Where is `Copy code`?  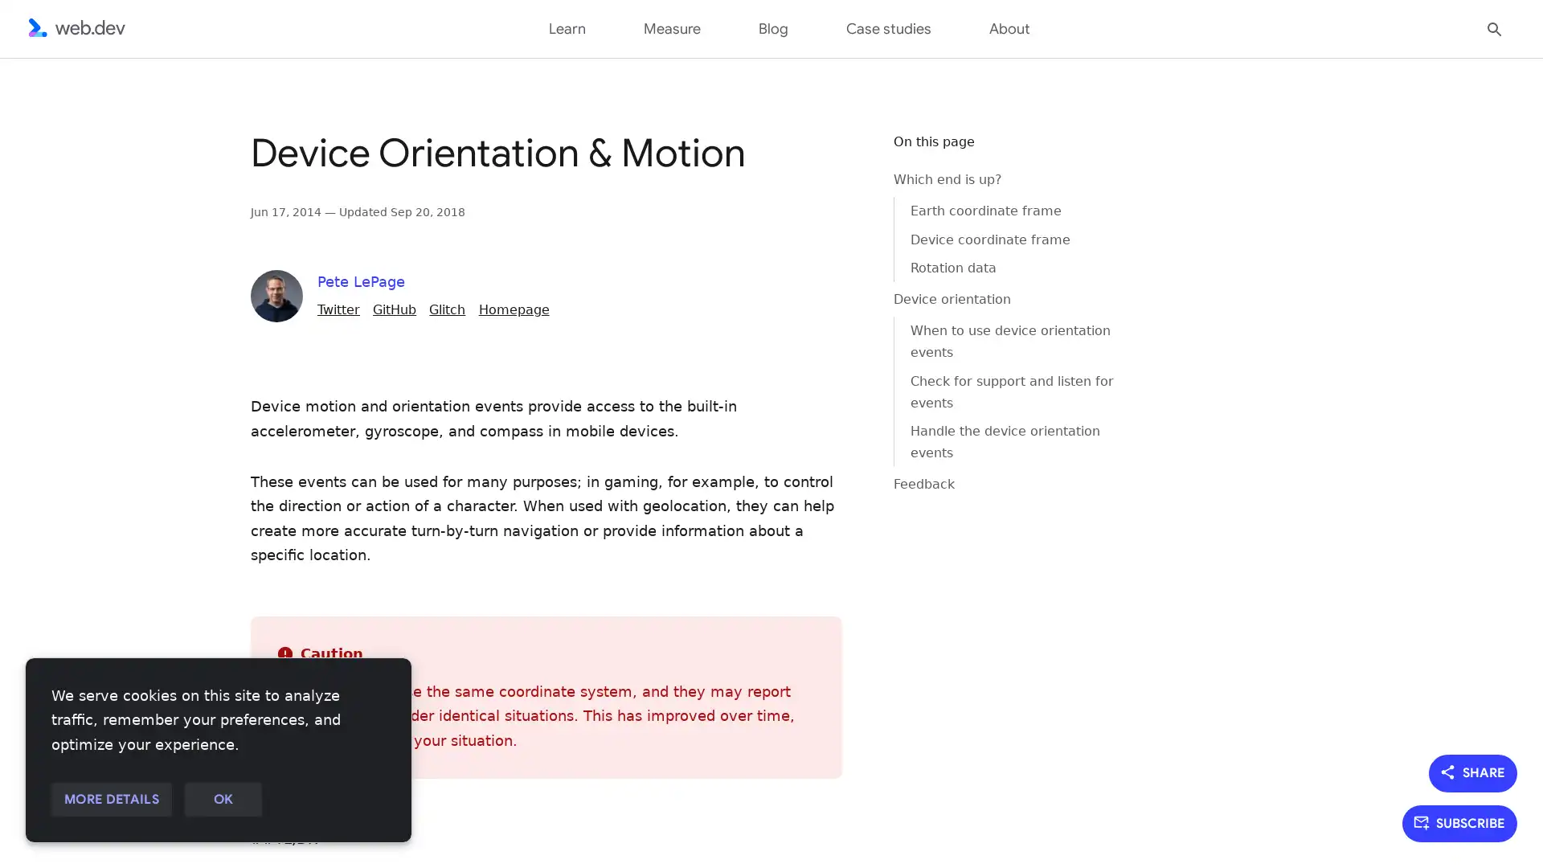
Copy code is located at coordinates (841, 155).